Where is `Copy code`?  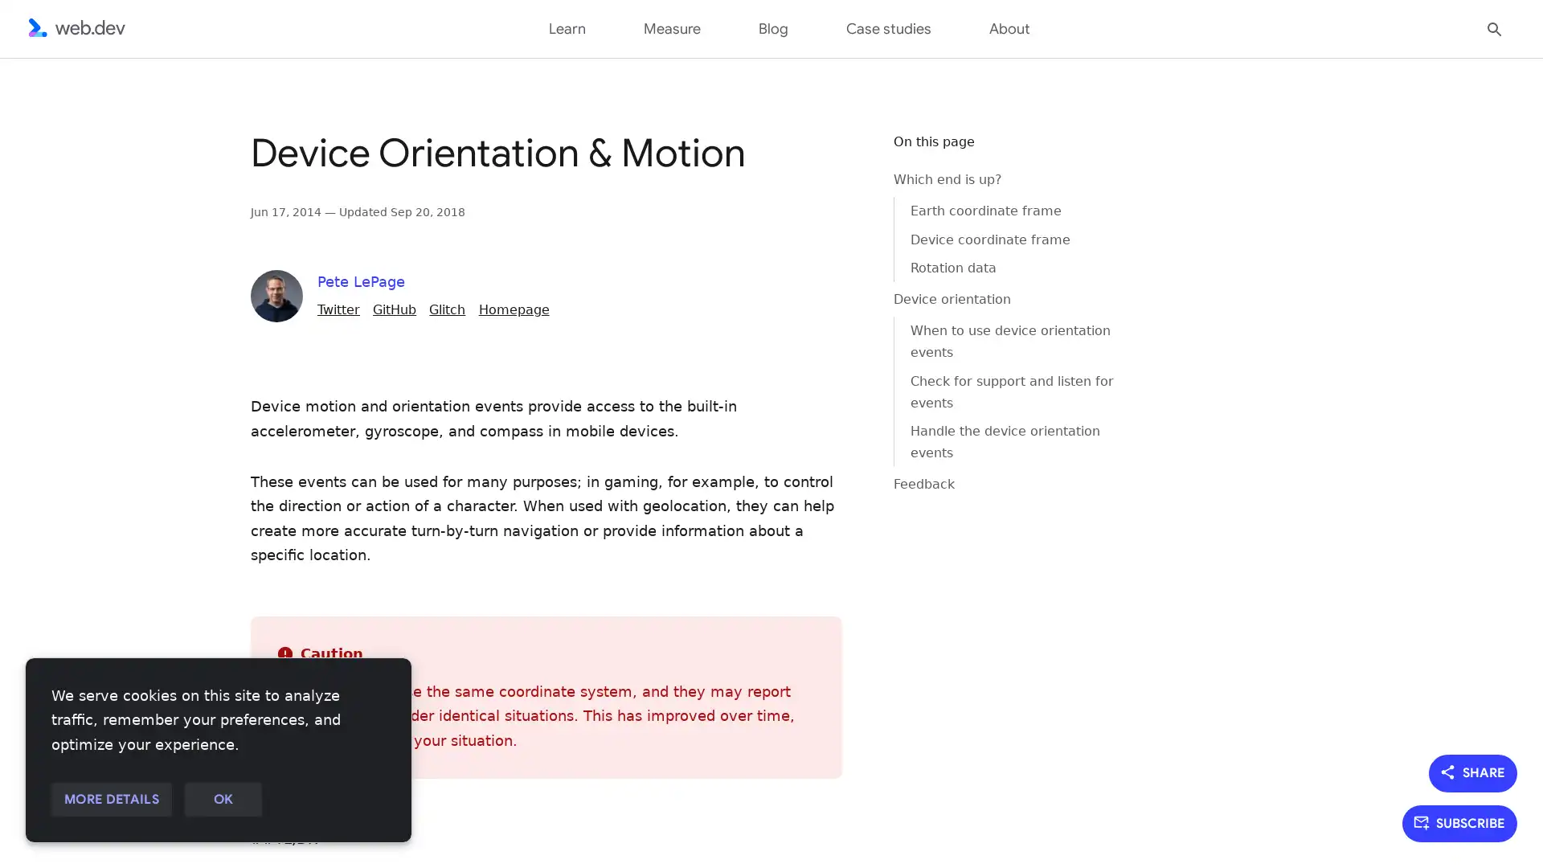
Copy code is located at coordinates (841, 155).